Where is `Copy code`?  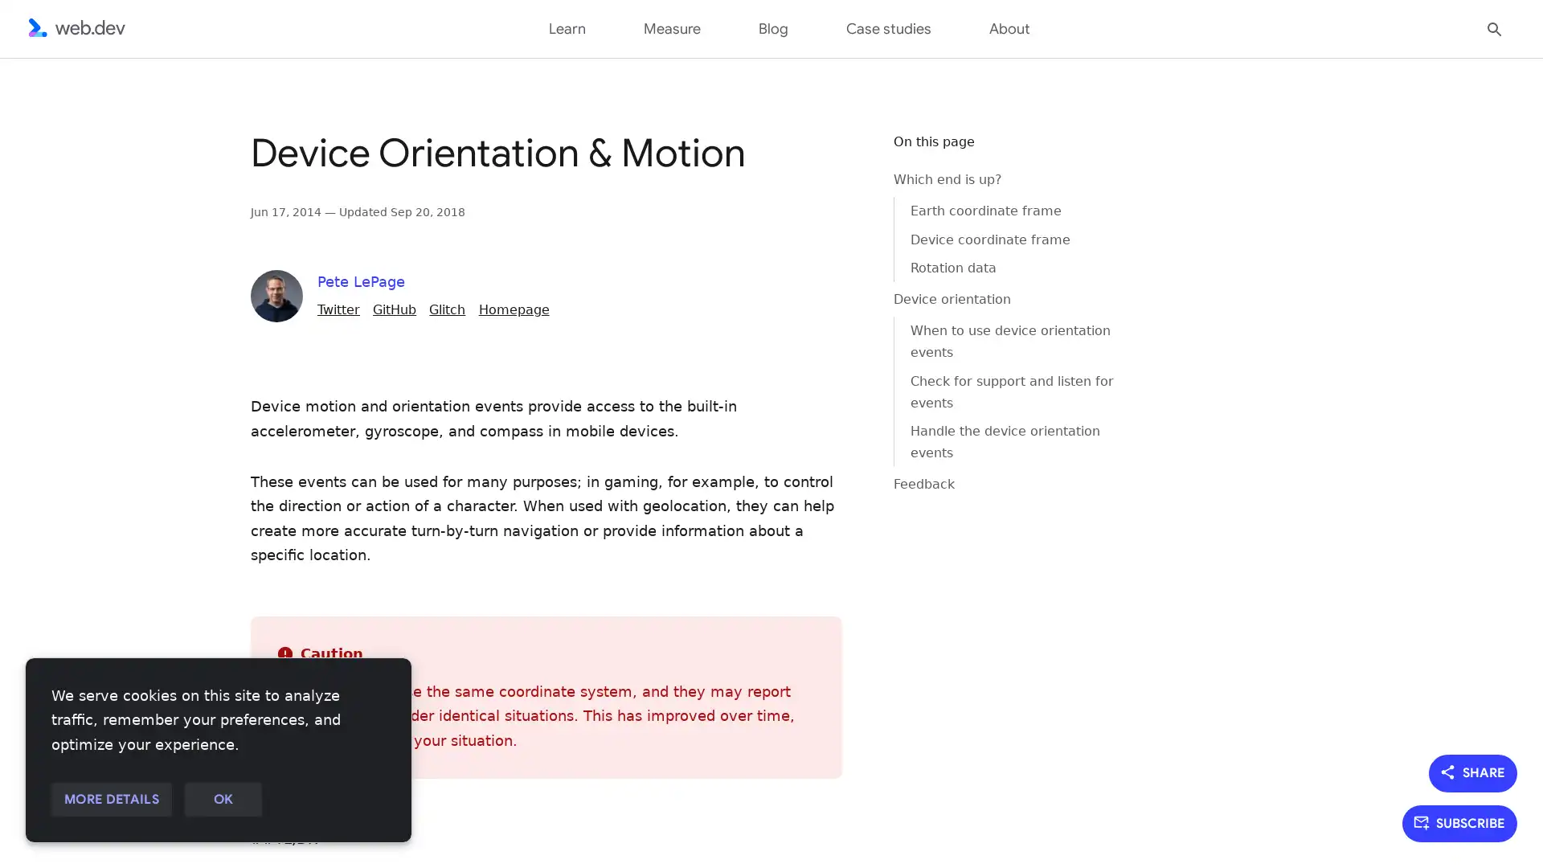
Copy code is located at coordinates (841, 155).